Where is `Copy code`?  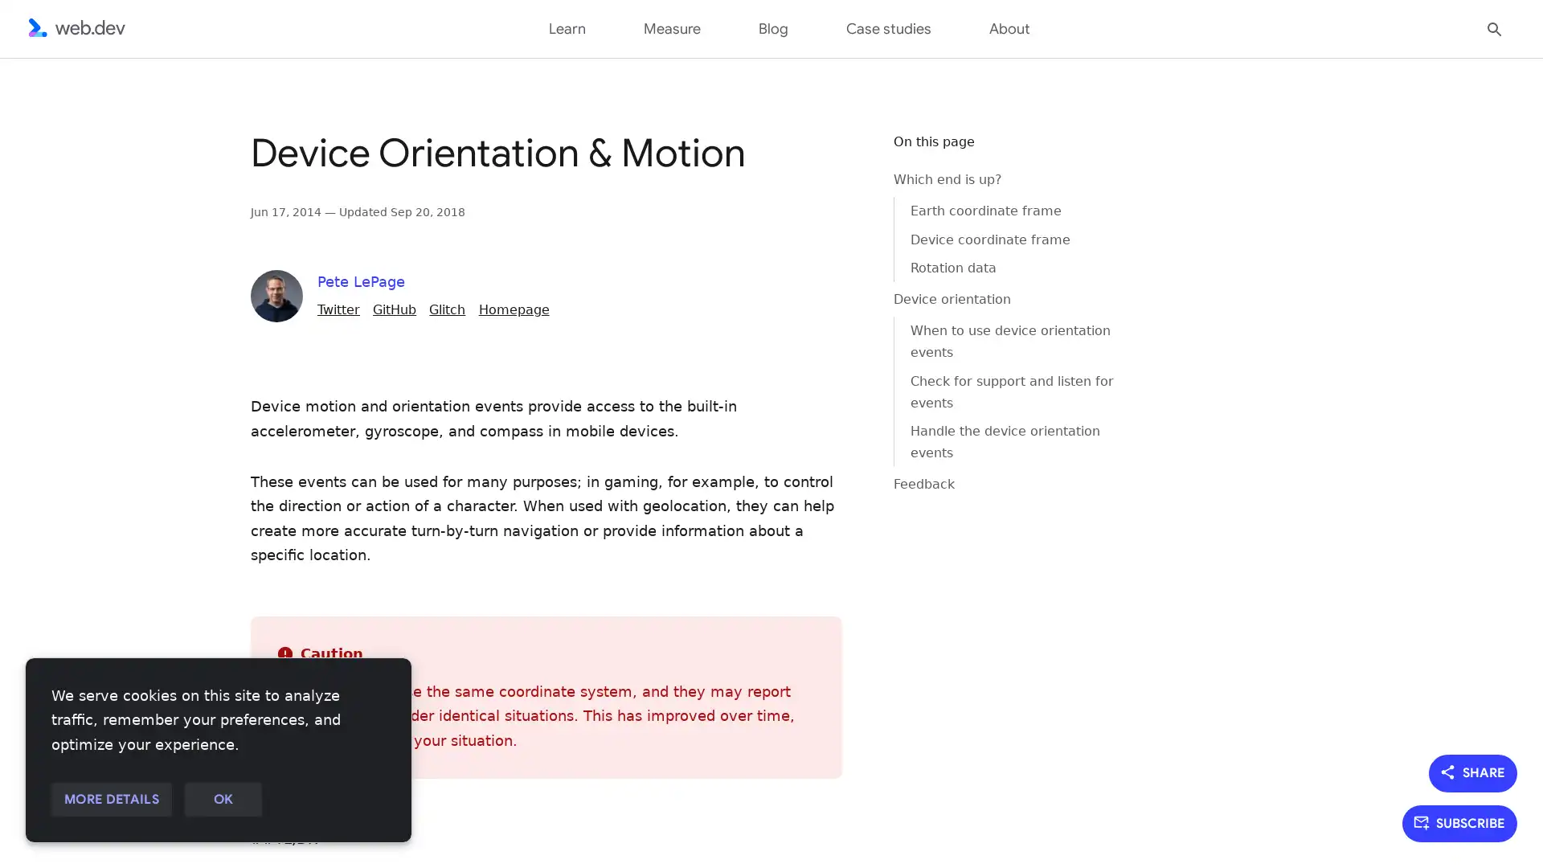
Copy code is located at coordinates (841, 155).